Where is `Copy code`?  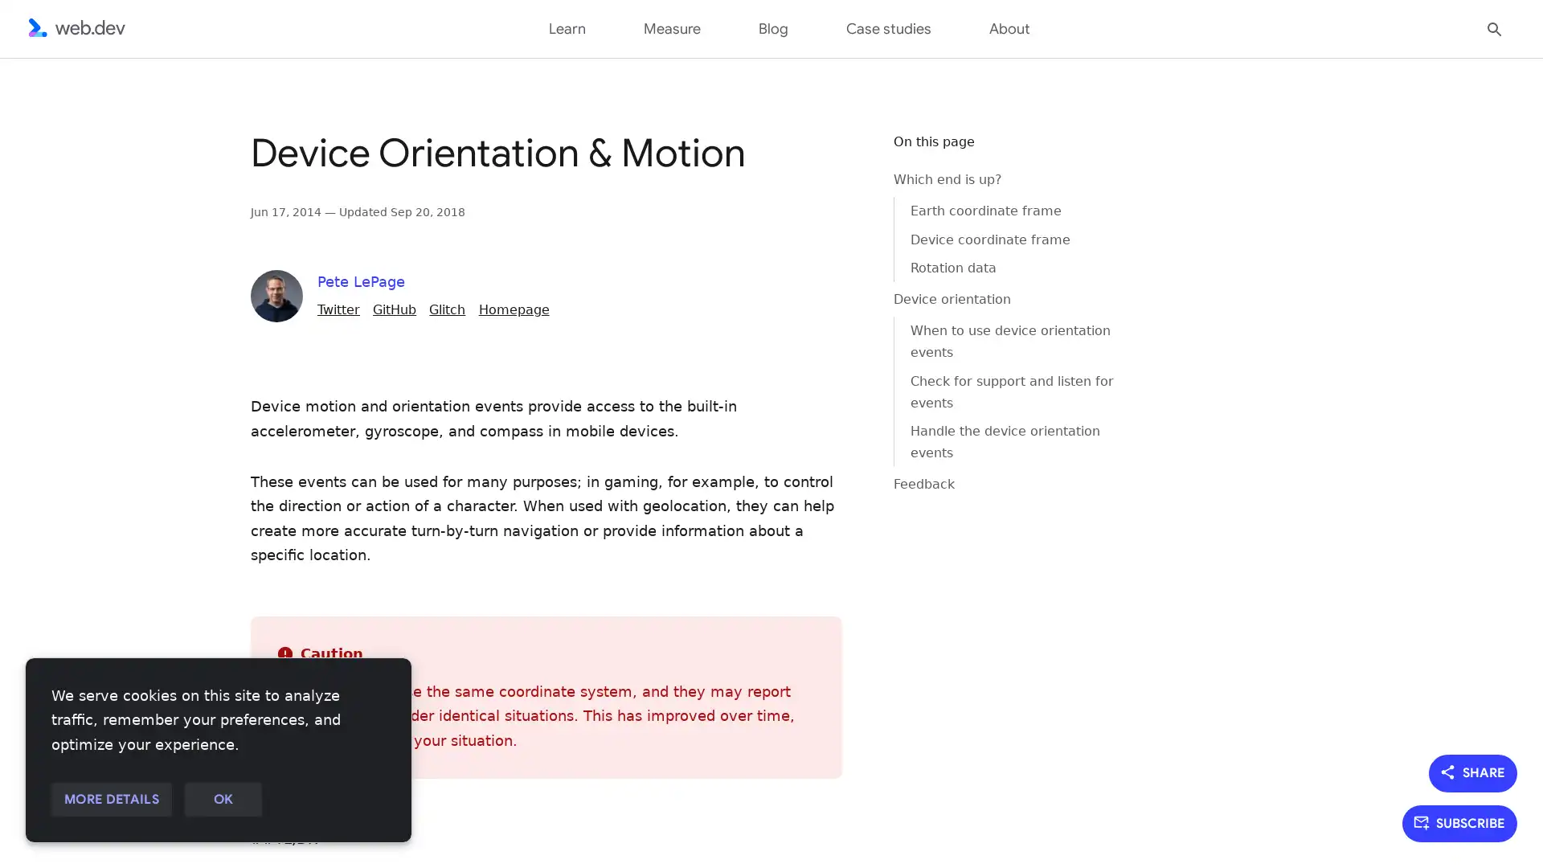
Copy code is located at coordinates (841, 155).